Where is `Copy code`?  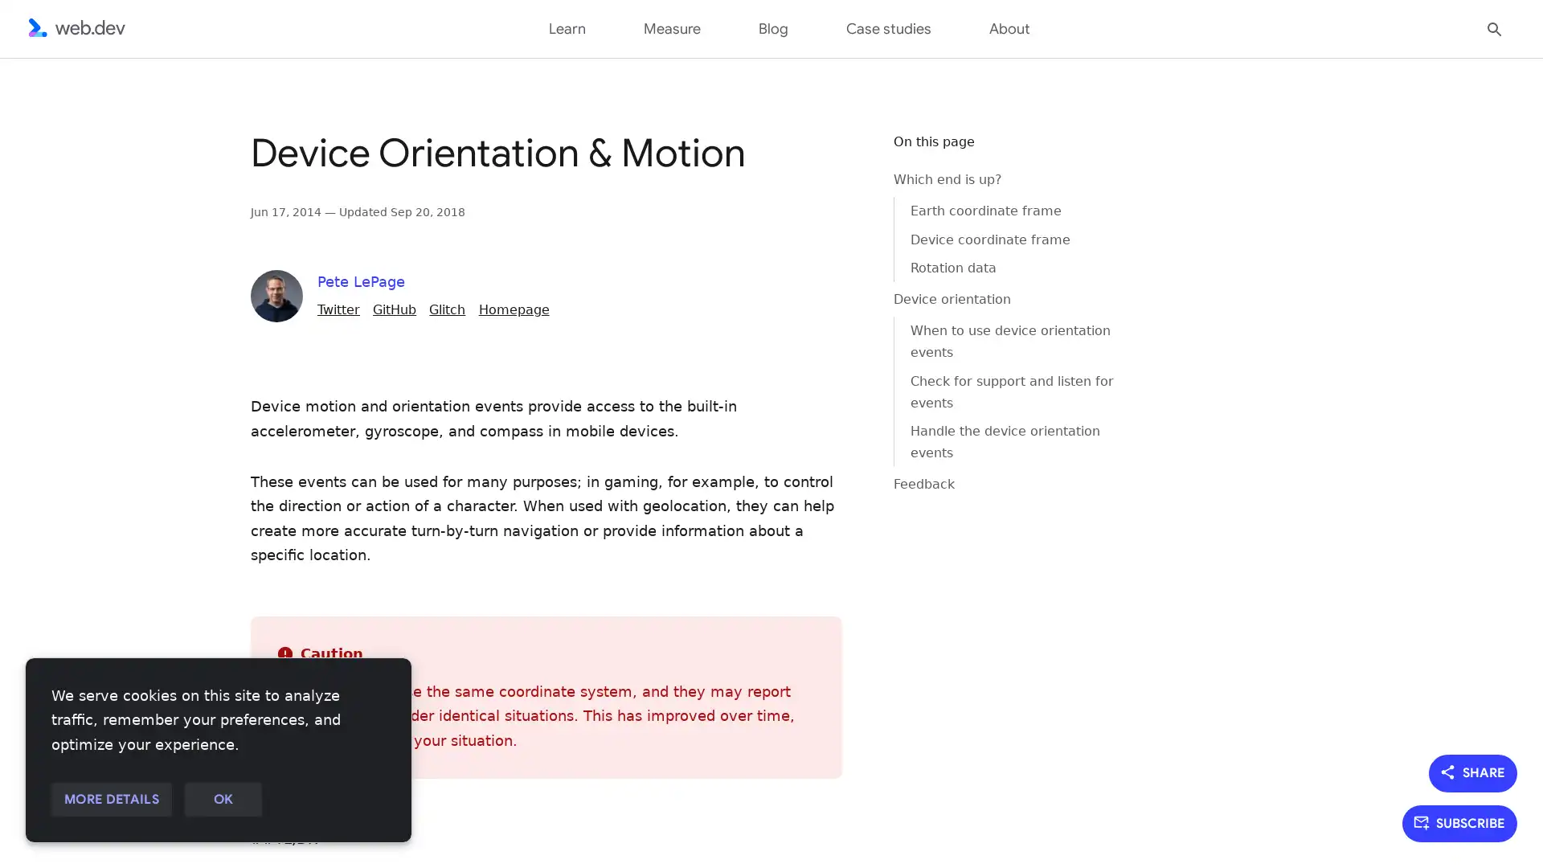
Copy code is located at coordinates (841, 155).